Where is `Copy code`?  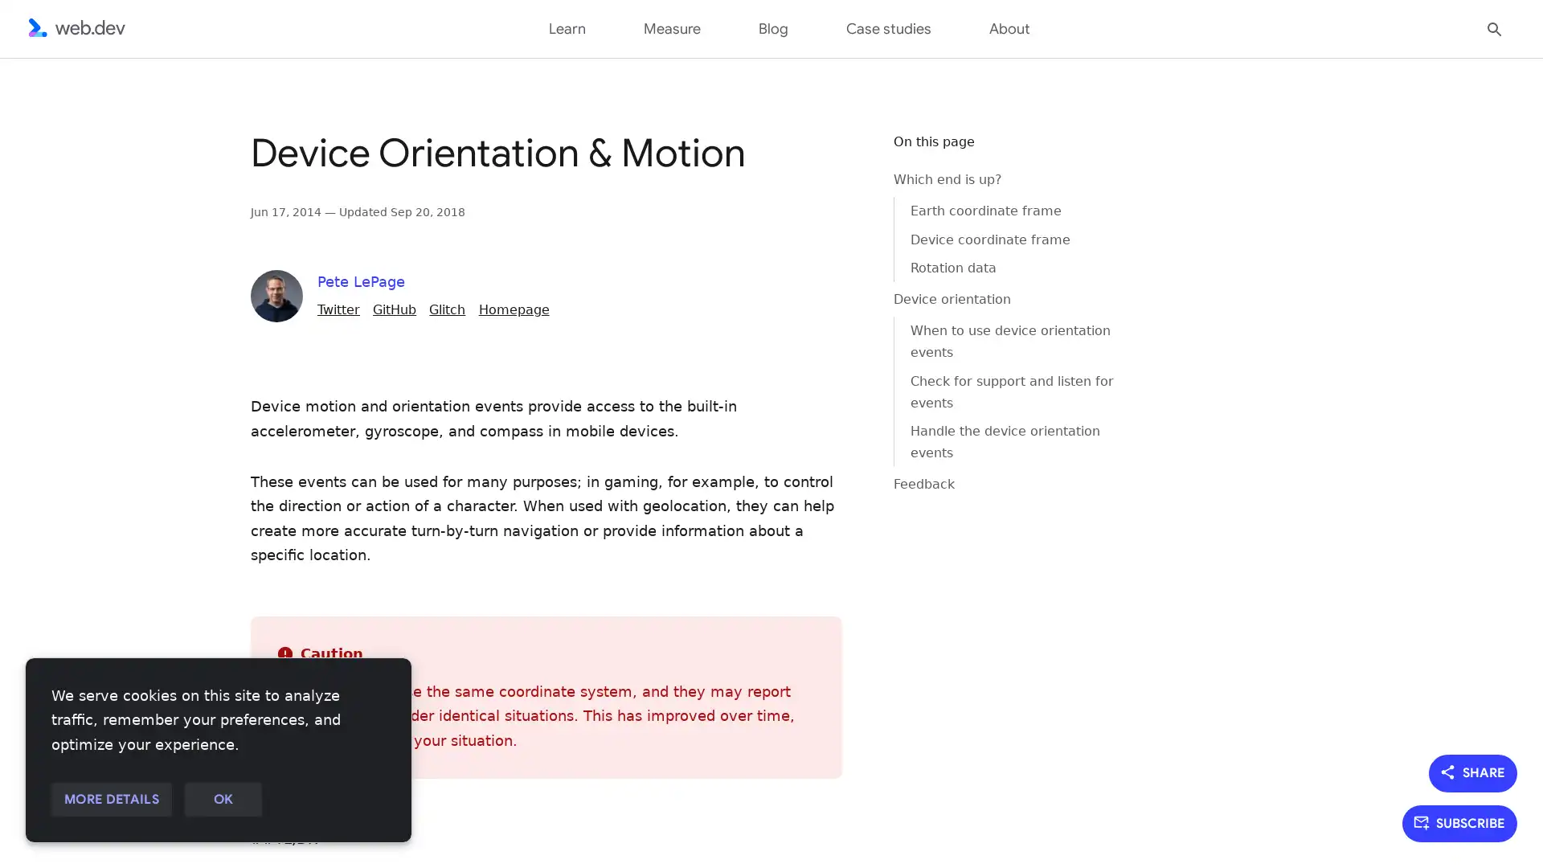
Copy code is located at coordinates (841, 155).